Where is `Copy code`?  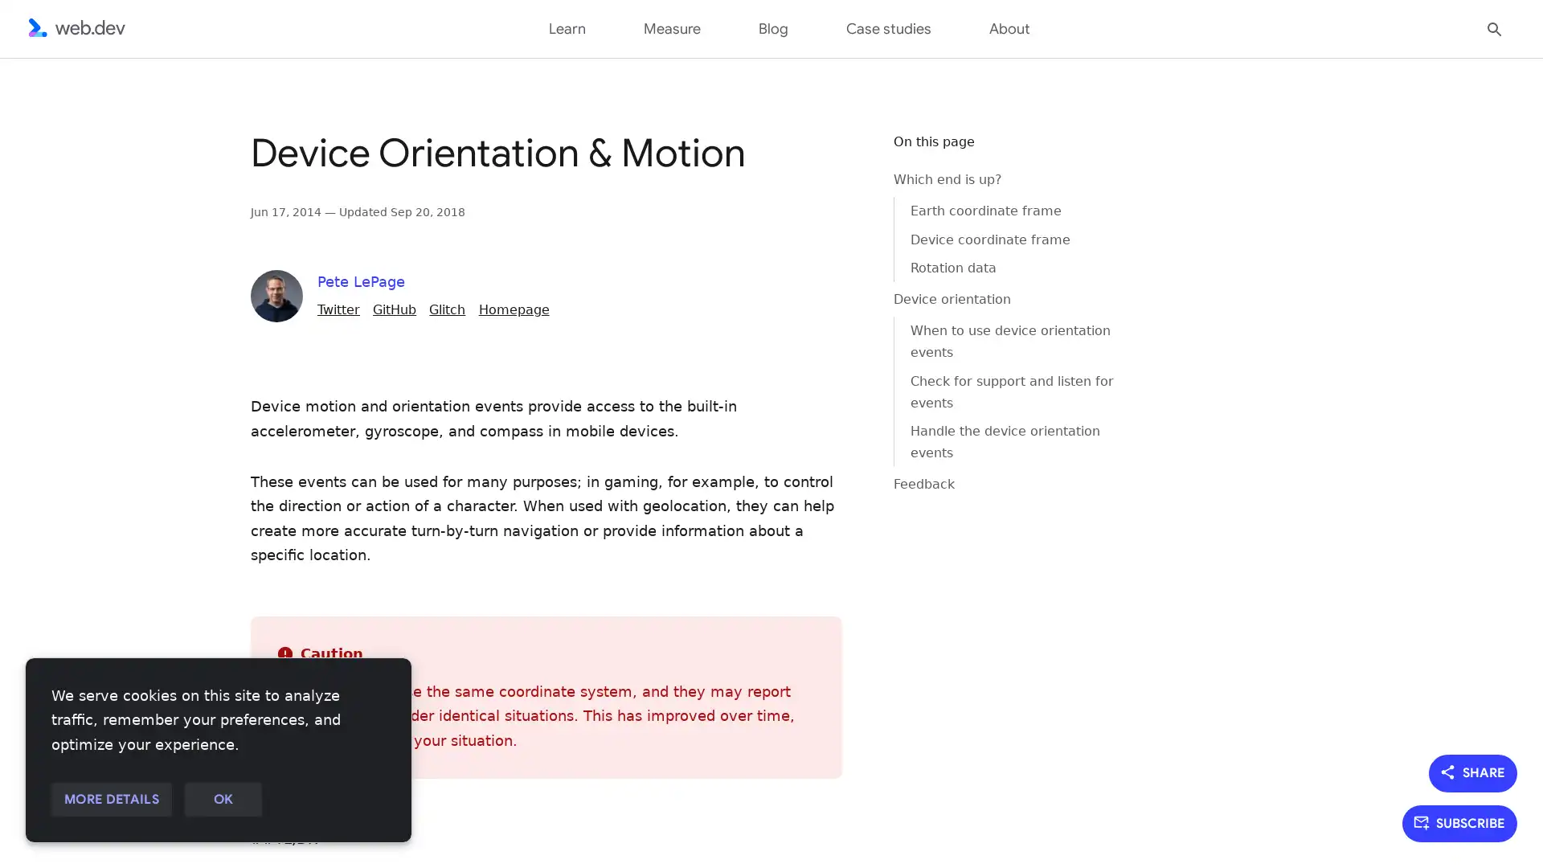
Copy code is located at coordinates (841, 155).